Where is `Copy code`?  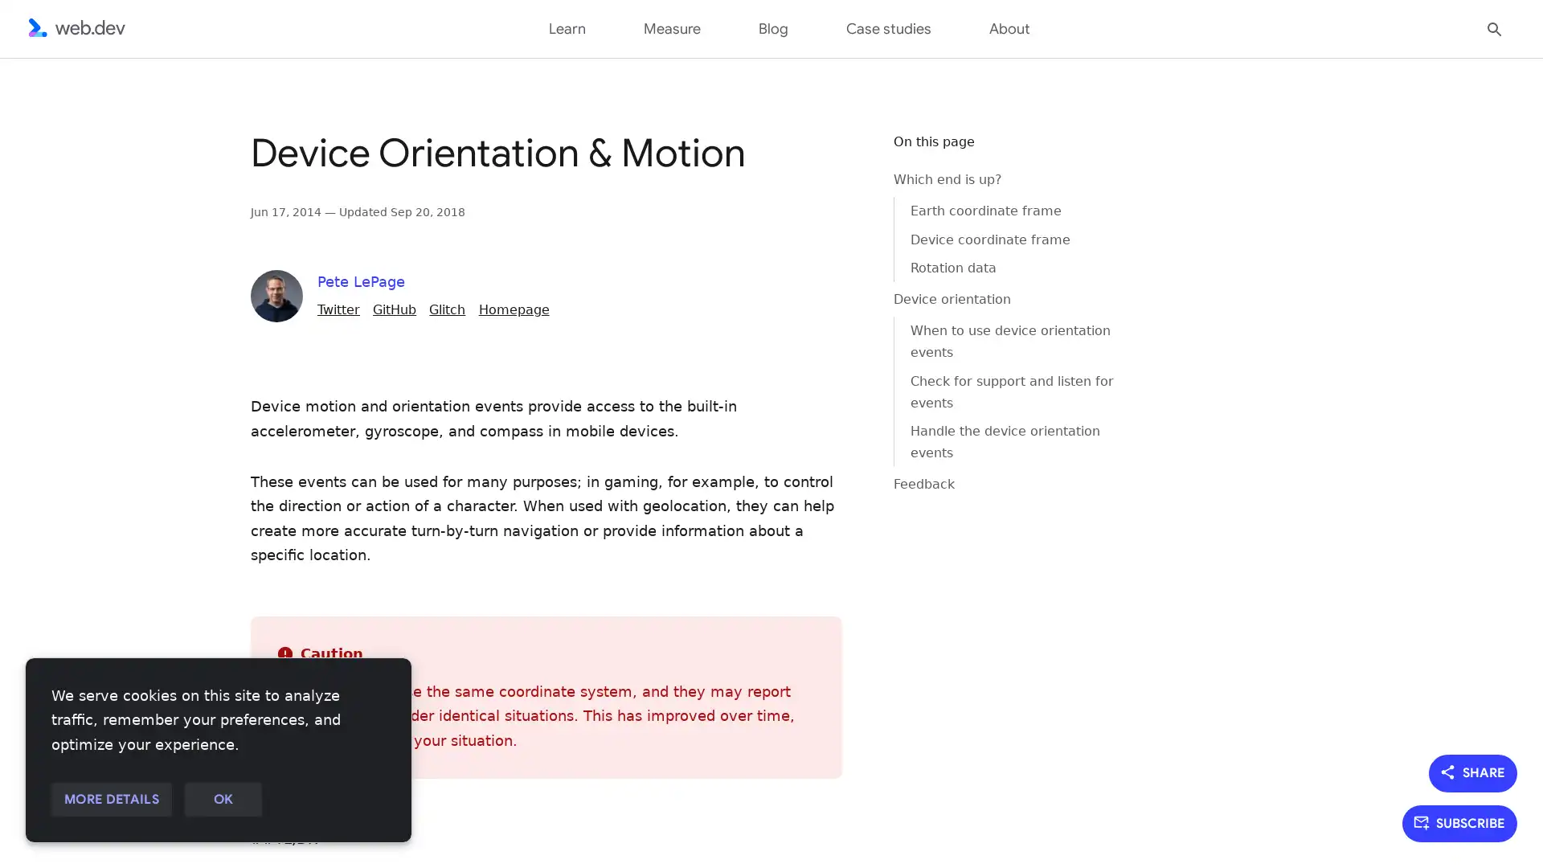
Copy code is located at coordinates (841, 155).